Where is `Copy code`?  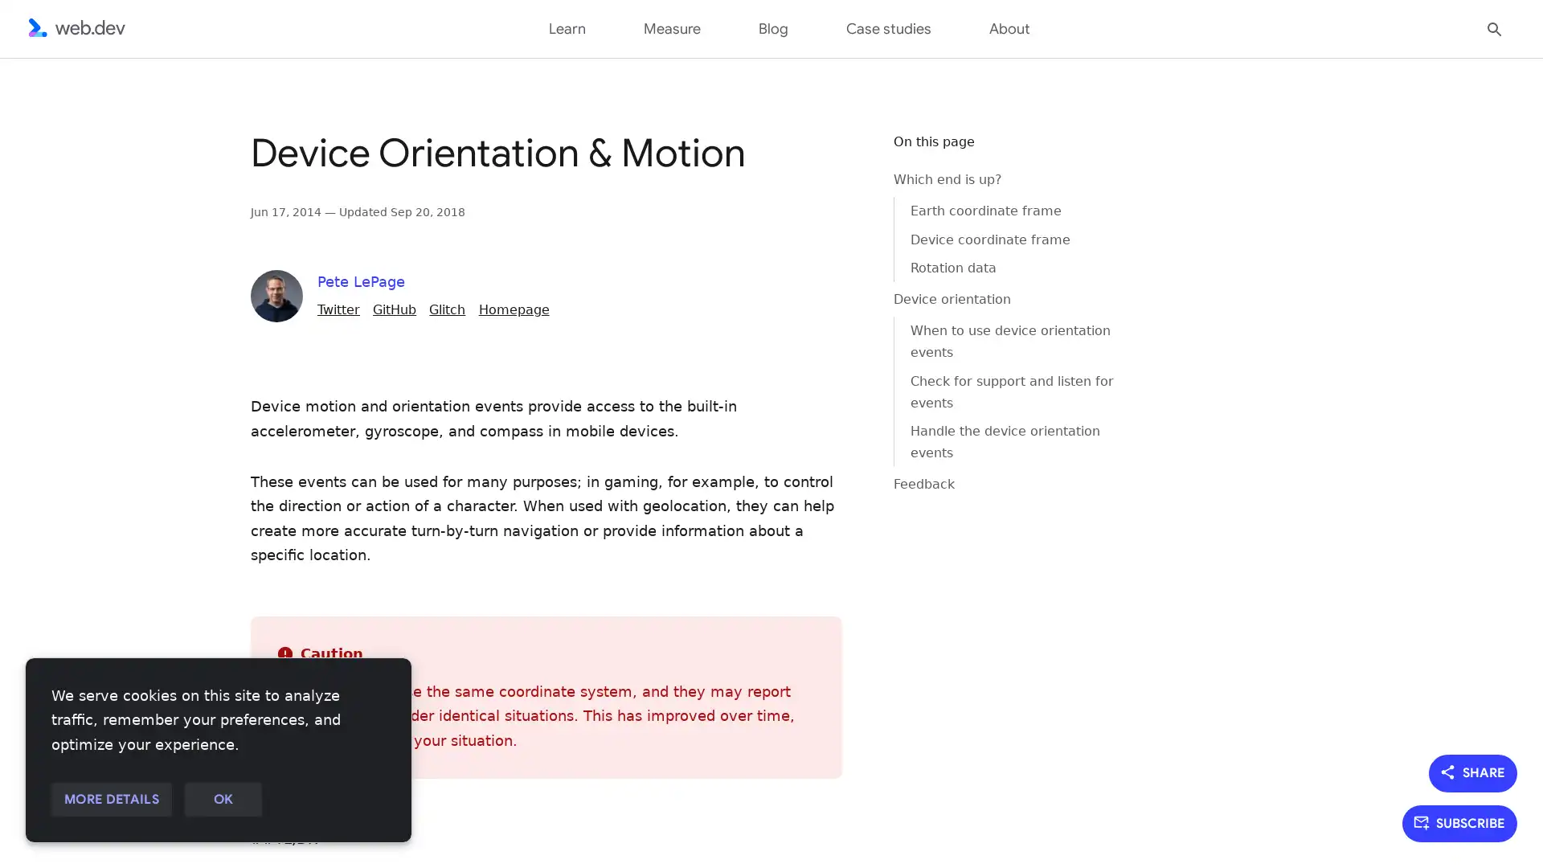
Copy code is located at coordinates (841, 155).